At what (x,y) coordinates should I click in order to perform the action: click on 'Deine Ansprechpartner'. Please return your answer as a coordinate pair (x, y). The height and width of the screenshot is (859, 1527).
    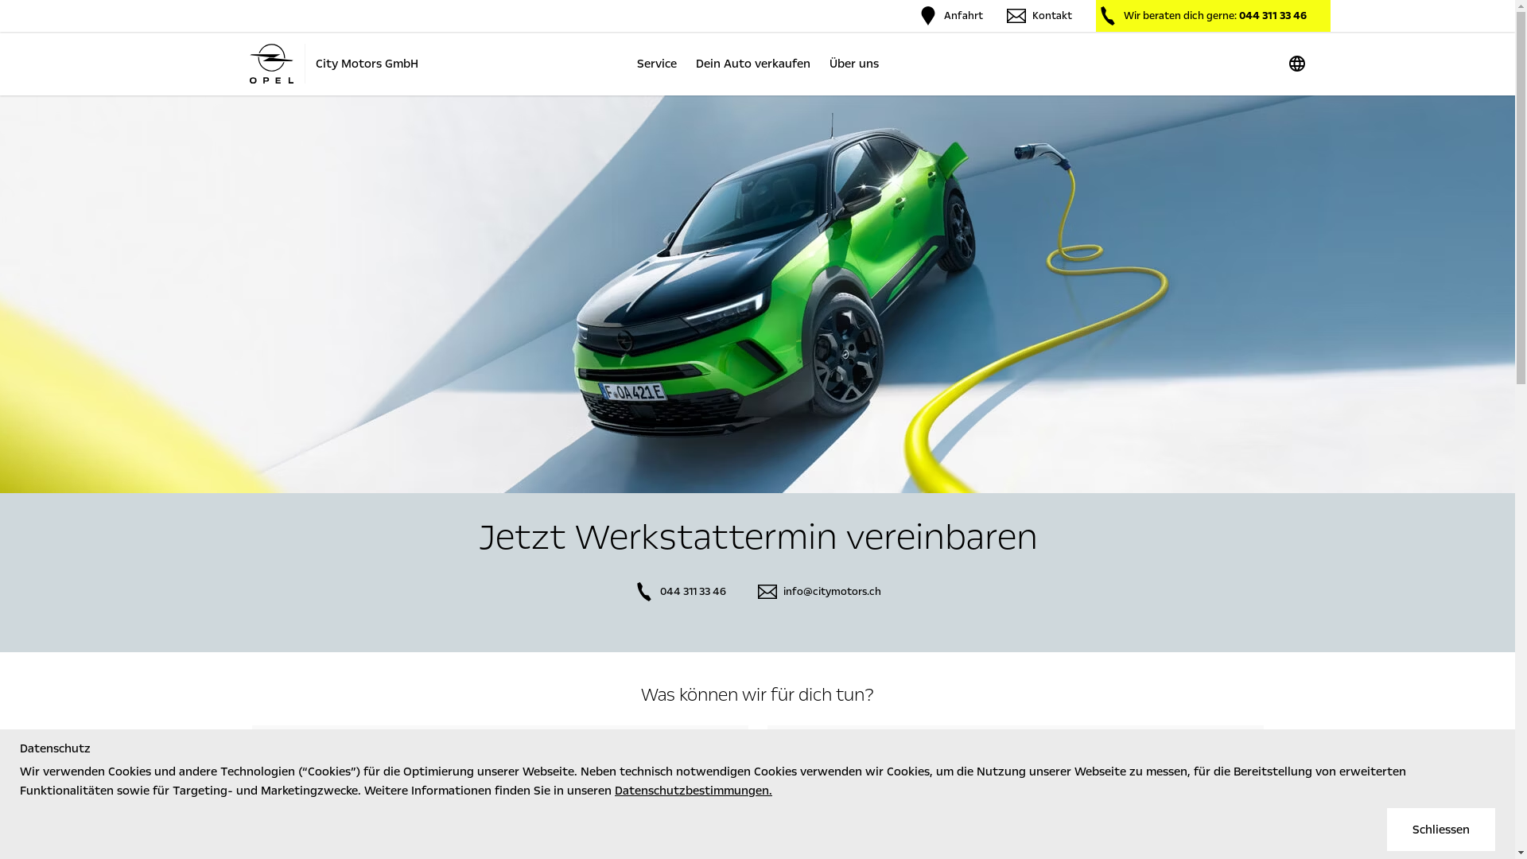
    Looking at the image, I should click on (1014, 760).